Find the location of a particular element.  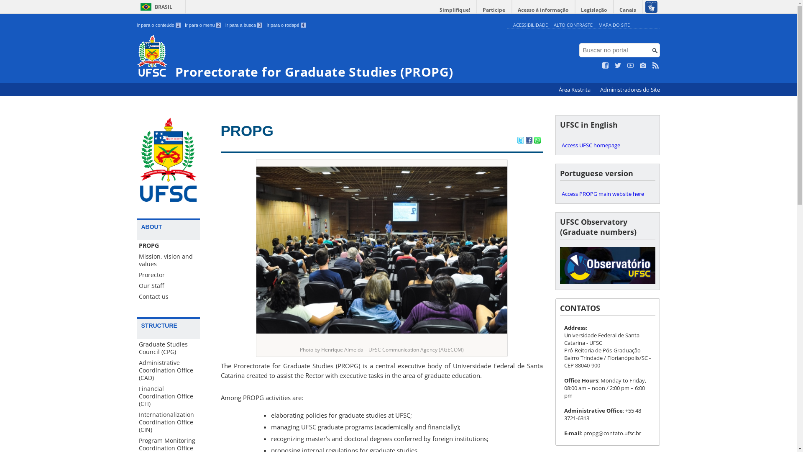

'Contact us' is located at coordinates (168, 296).